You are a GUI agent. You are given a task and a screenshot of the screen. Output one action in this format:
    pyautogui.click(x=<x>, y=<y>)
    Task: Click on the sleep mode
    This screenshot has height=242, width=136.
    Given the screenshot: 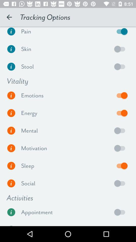 What is the action you would take?
    pyautogui.click(x=121, y=165)
    